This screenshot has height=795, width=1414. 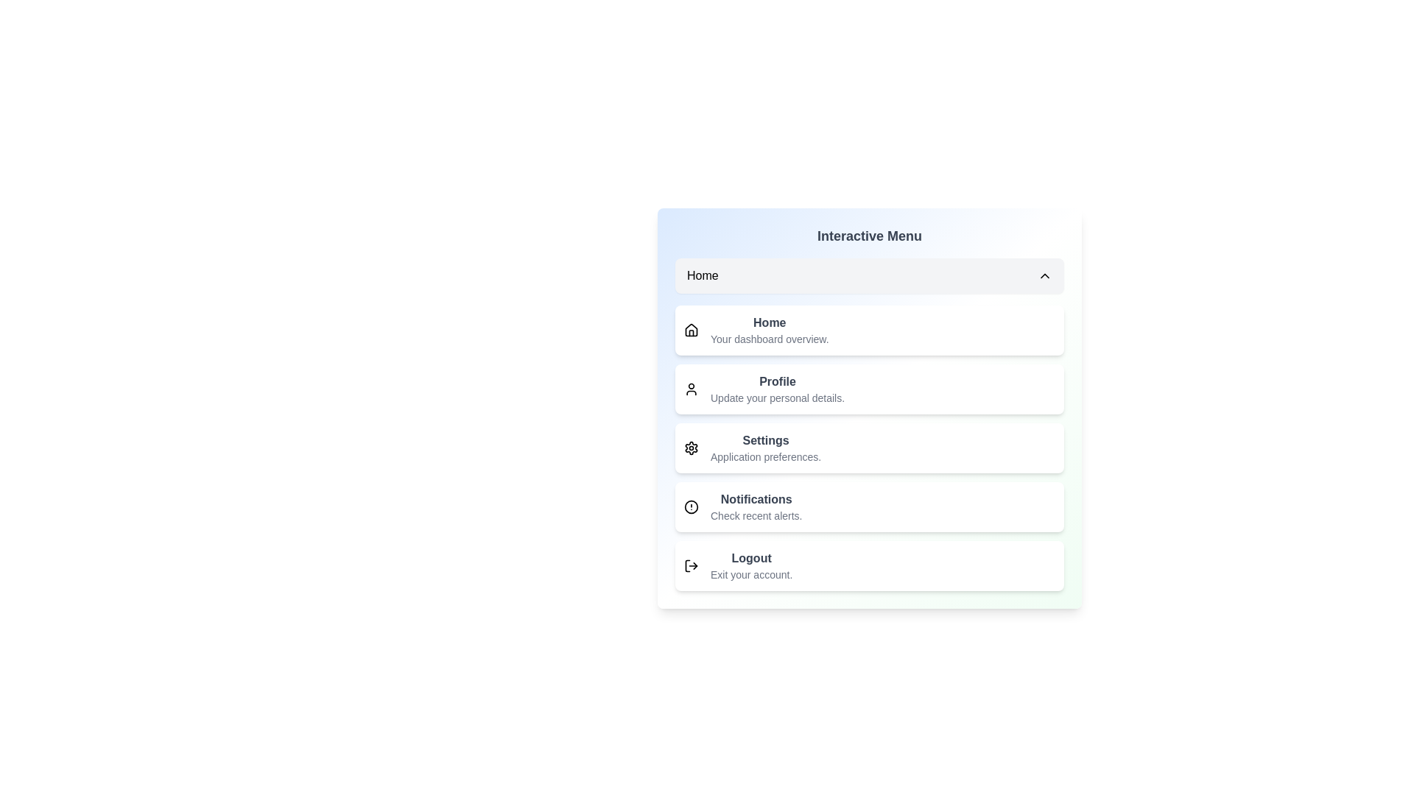 What do you see at coordinates (869, 506) in the screenshot?
I see `the menu option Notifications` at bounding box center [869, 506].